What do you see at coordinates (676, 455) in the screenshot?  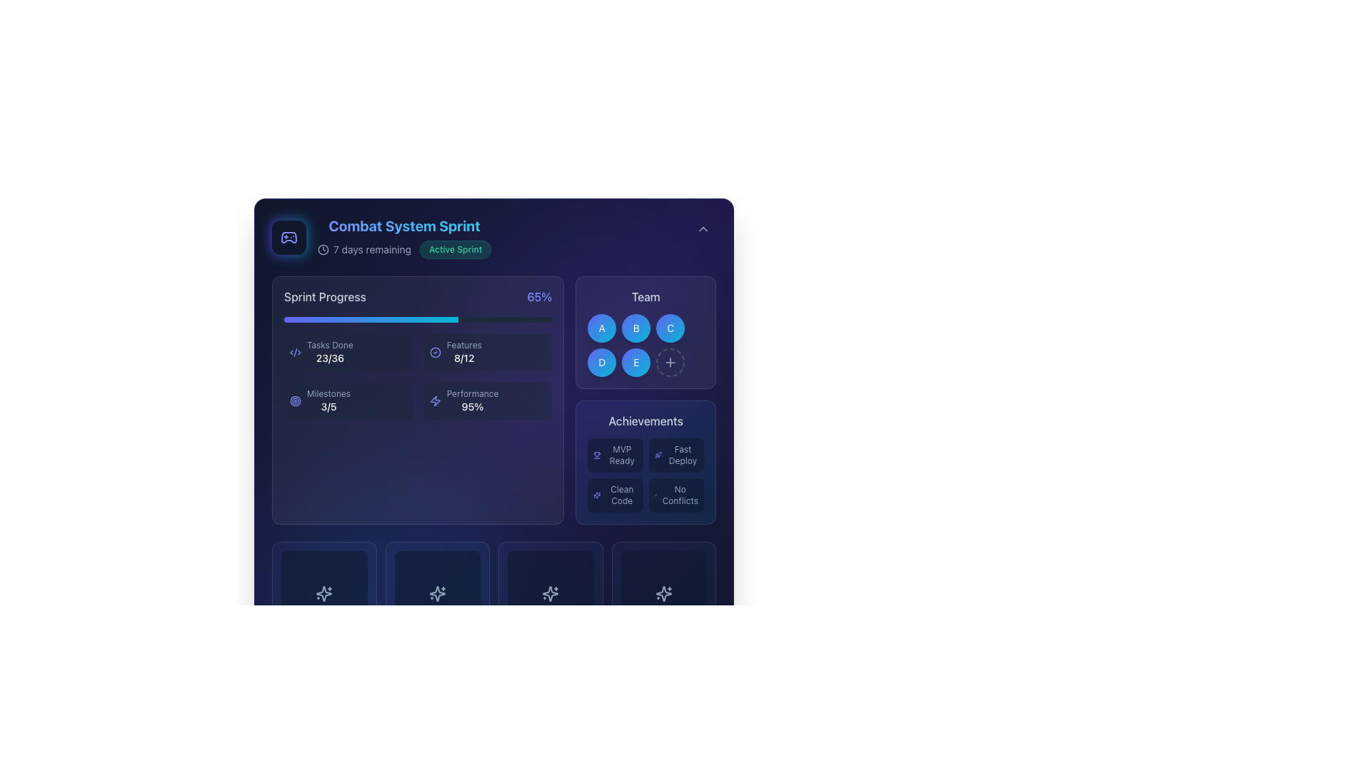 I see `the 'Fast Deploy' achievement badge located in the top right corner of the Achievements section, specifically in the second position of the first row` at bounding box center [676, 455].